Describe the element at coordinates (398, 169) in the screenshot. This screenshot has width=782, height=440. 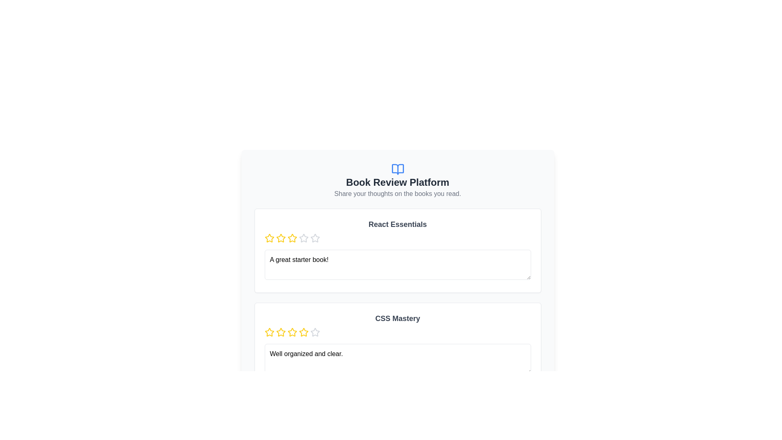
I see `the open book icon located in the header section of the interface, which features blue coloring and a minimalistic line-based design` at that location.